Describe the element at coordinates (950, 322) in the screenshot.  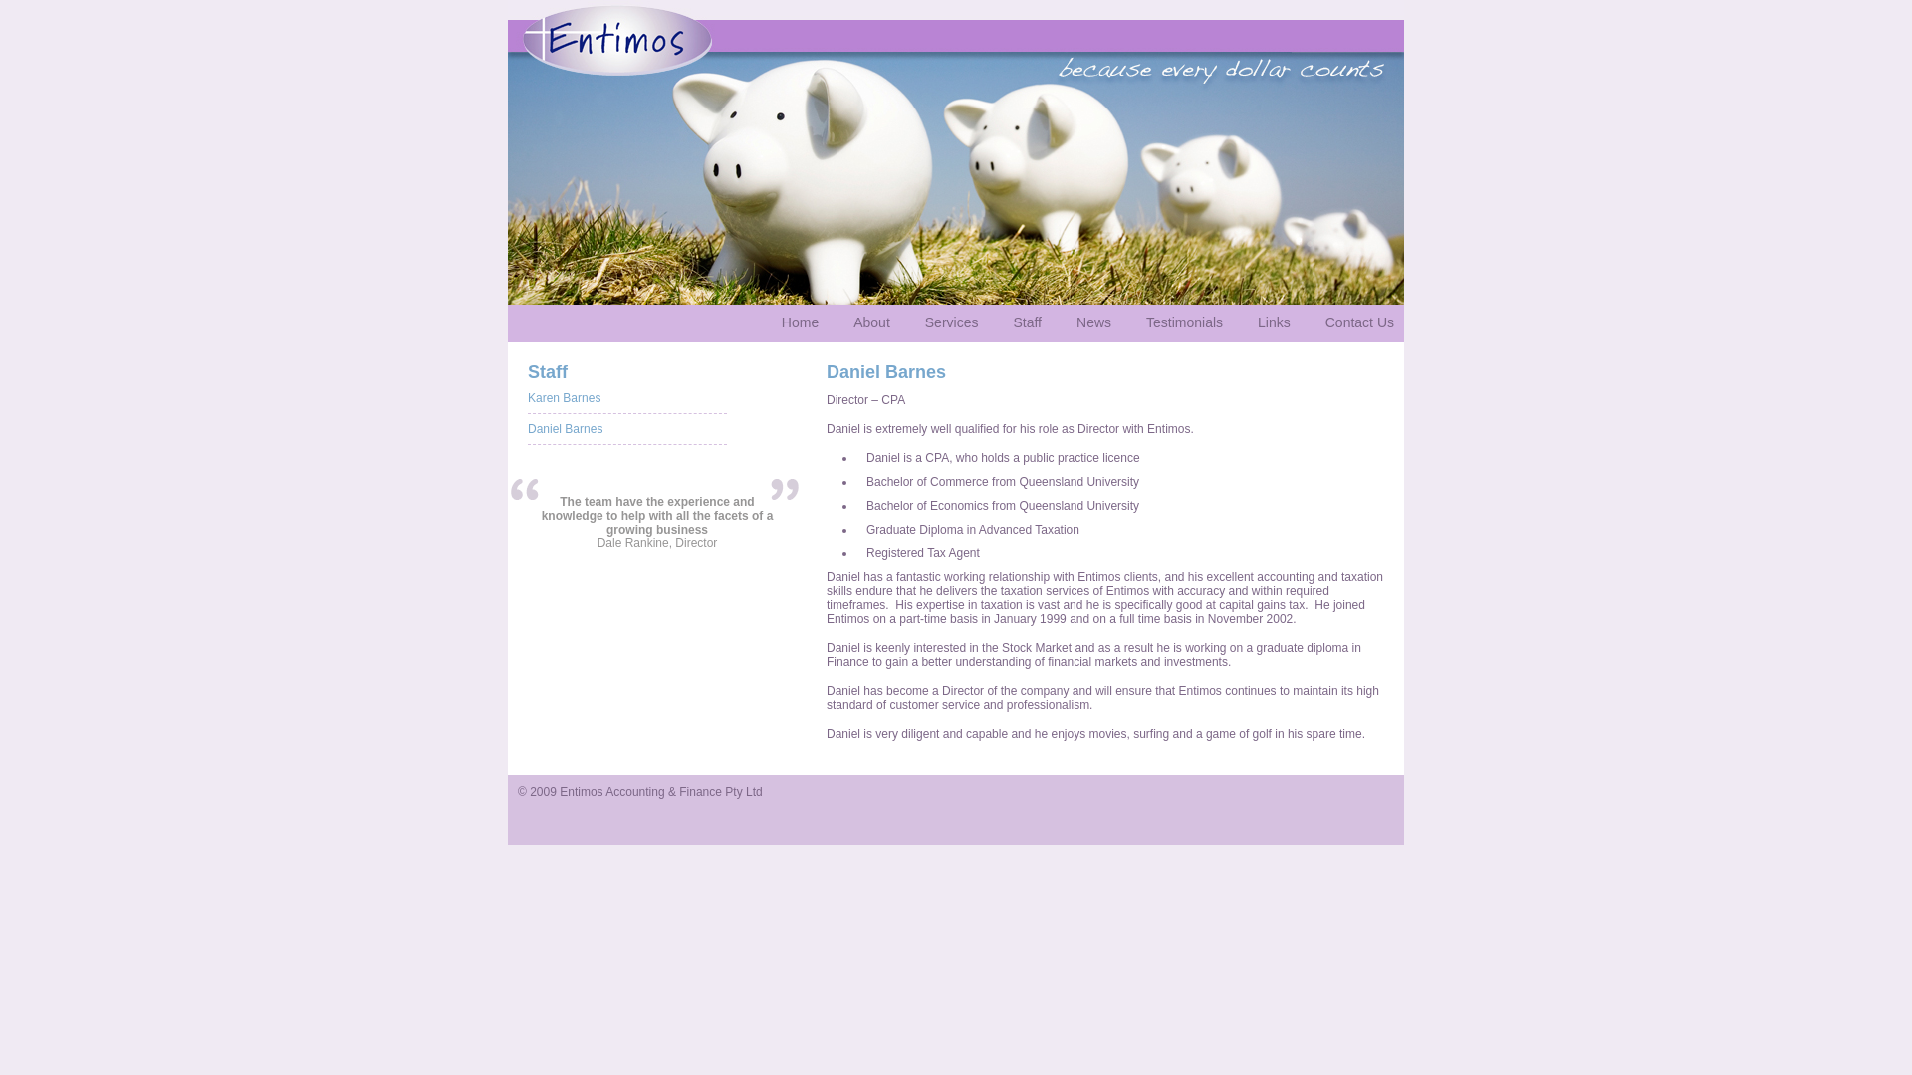
I see `'Services'` at that location.